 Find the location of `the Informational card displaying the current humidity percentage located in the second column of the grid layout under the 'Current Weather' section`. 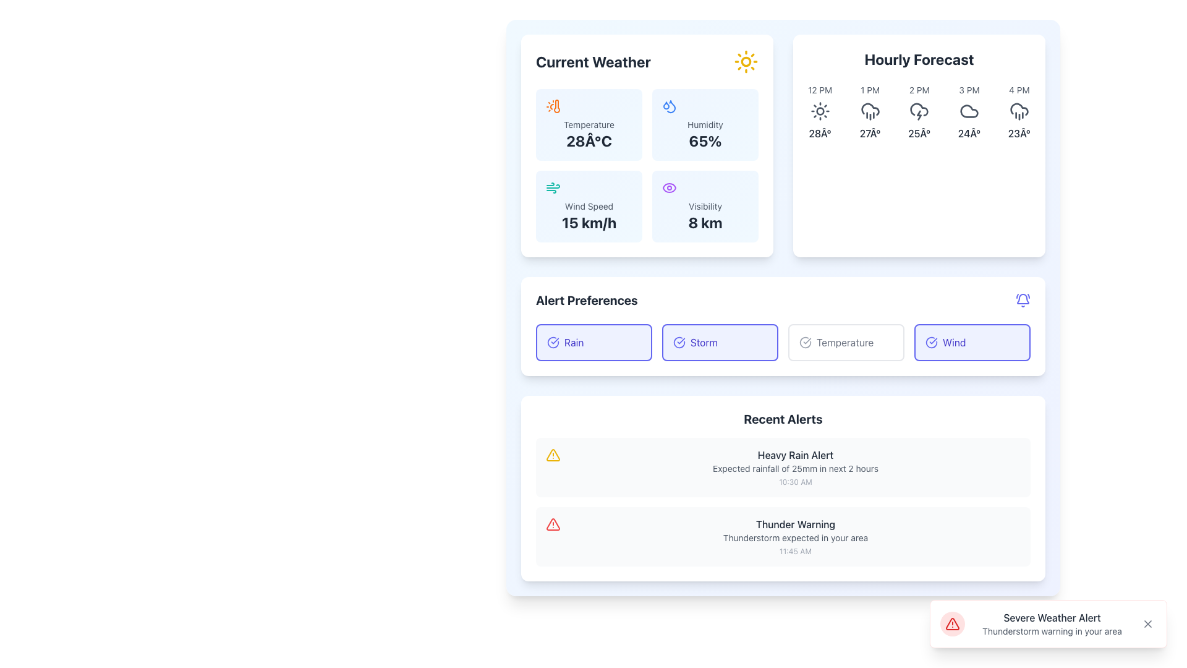

the Informational card displaying the current humidity percentage located in the second column of the grid layout under the 'Current Weather' section is located at coordinates (705, 124).